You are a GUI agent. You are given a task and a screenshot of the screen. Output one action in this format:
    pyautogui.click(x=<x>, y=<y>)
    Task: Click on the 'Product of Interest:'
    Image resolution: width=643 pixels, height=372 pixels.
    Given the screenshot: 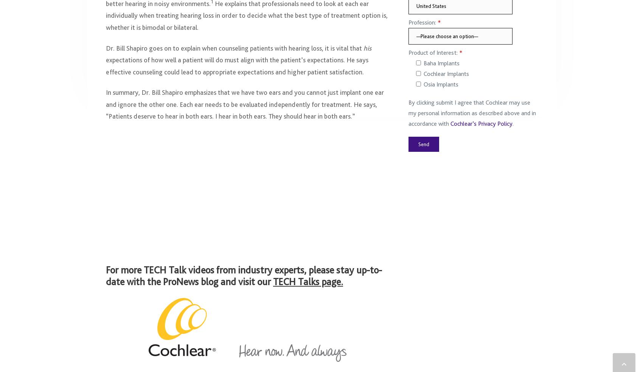 What is the action you would take?
    pyautogui.click(x=433, y=56)
    